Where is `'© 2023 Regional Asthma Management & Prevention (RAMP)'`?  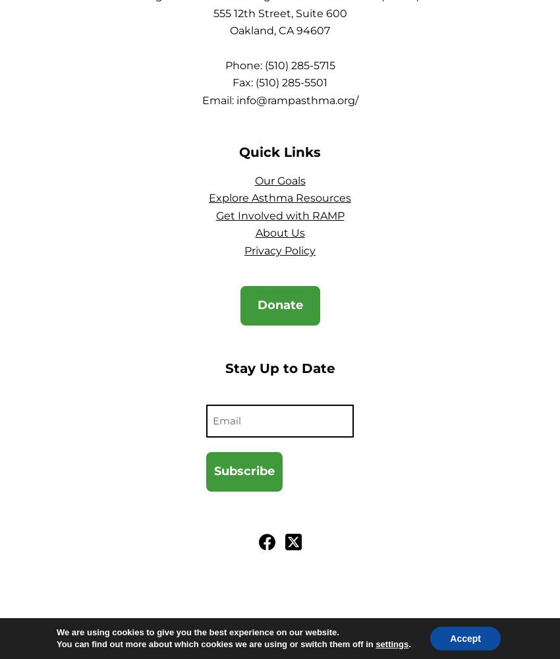 '© 2023 Regional Asthma Management & Prevention (RAMP)' is located at coordinates (176, 624).